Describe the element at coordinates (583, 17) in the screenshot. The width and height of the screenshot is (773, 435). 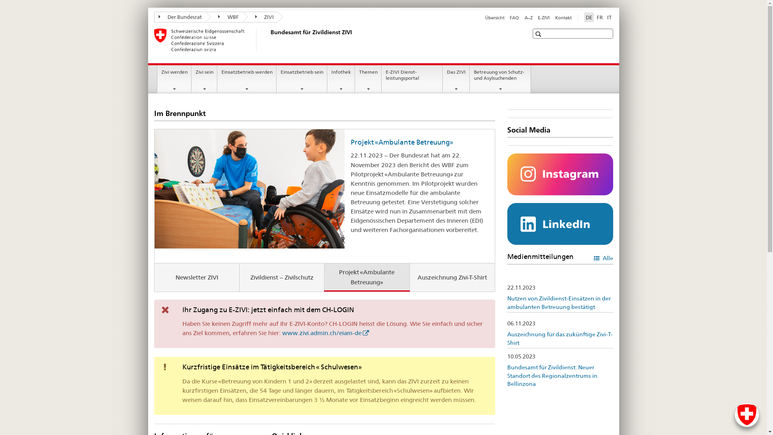
I see `'DE'` at that location.